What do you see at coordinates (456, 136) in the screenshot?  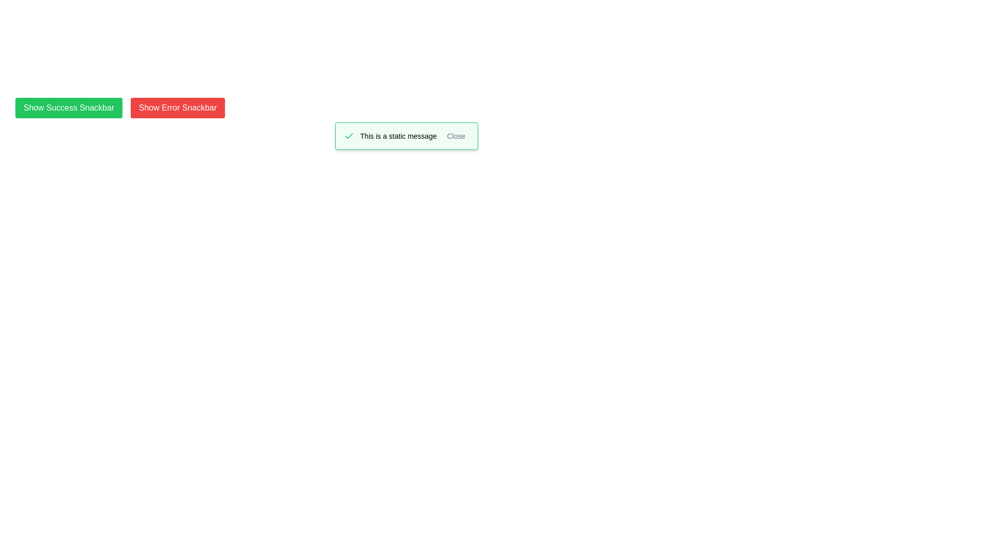 I see `the 'Close' button in the notification box` at bounding box center [456, 136].